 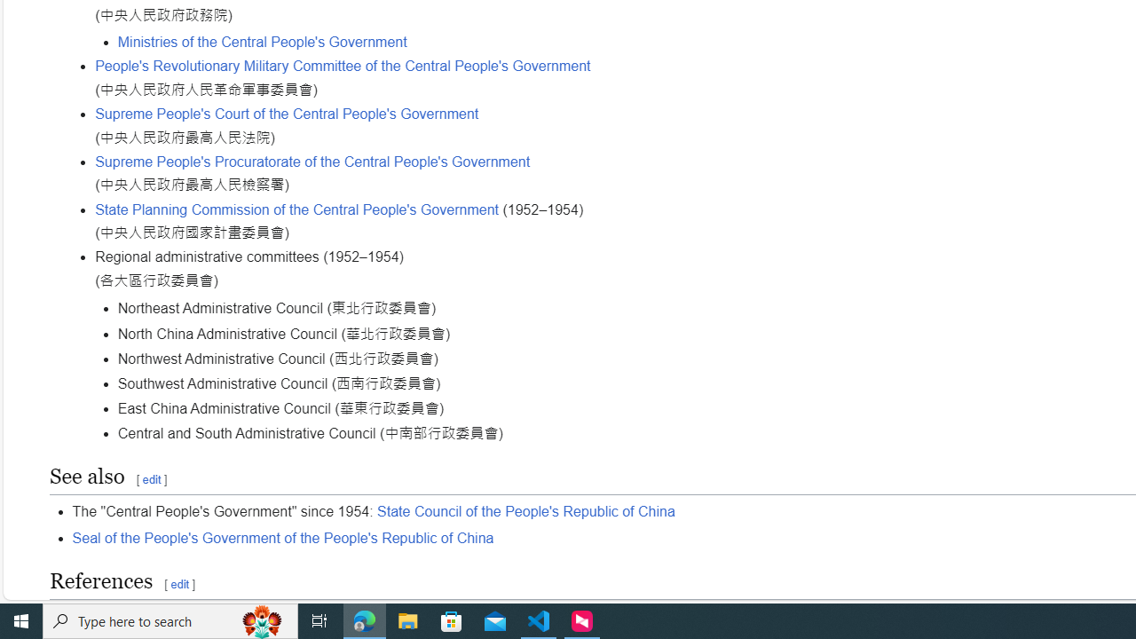 What do you see at coordinates (261, 41) in the screenshot?
I see `'Ministries of the Central People'` at bounding box center [261, 41].